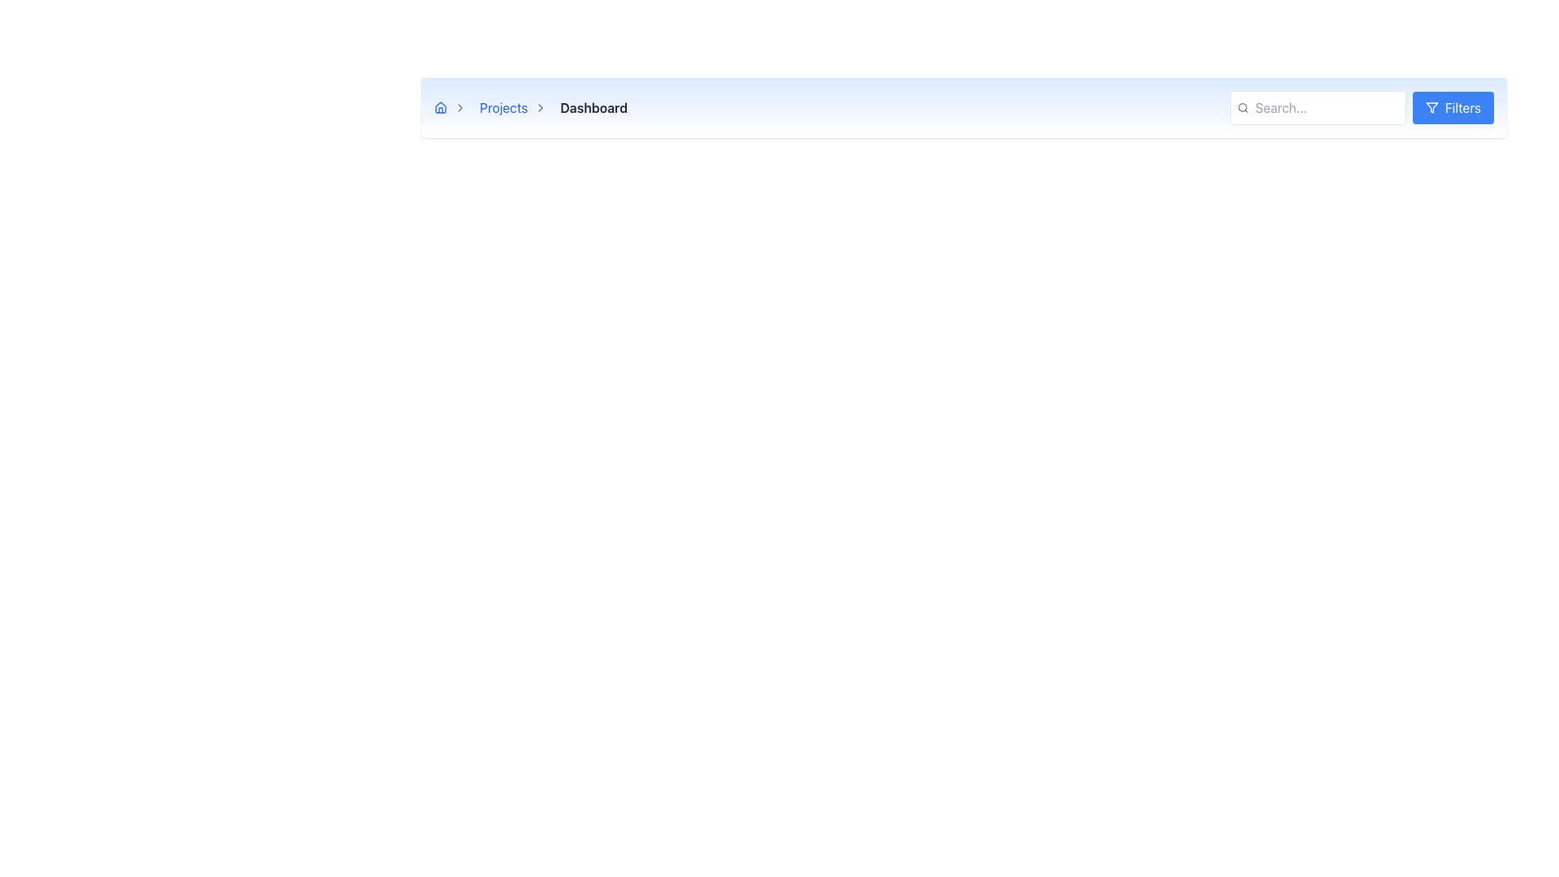  What do you see at coordinates (541, 107) in the screenshot?
I see `the chevron icon in the breadcrumb navigation that visually separates 'Projects' and 'Dashboard'` at bounding box center [541, 107].